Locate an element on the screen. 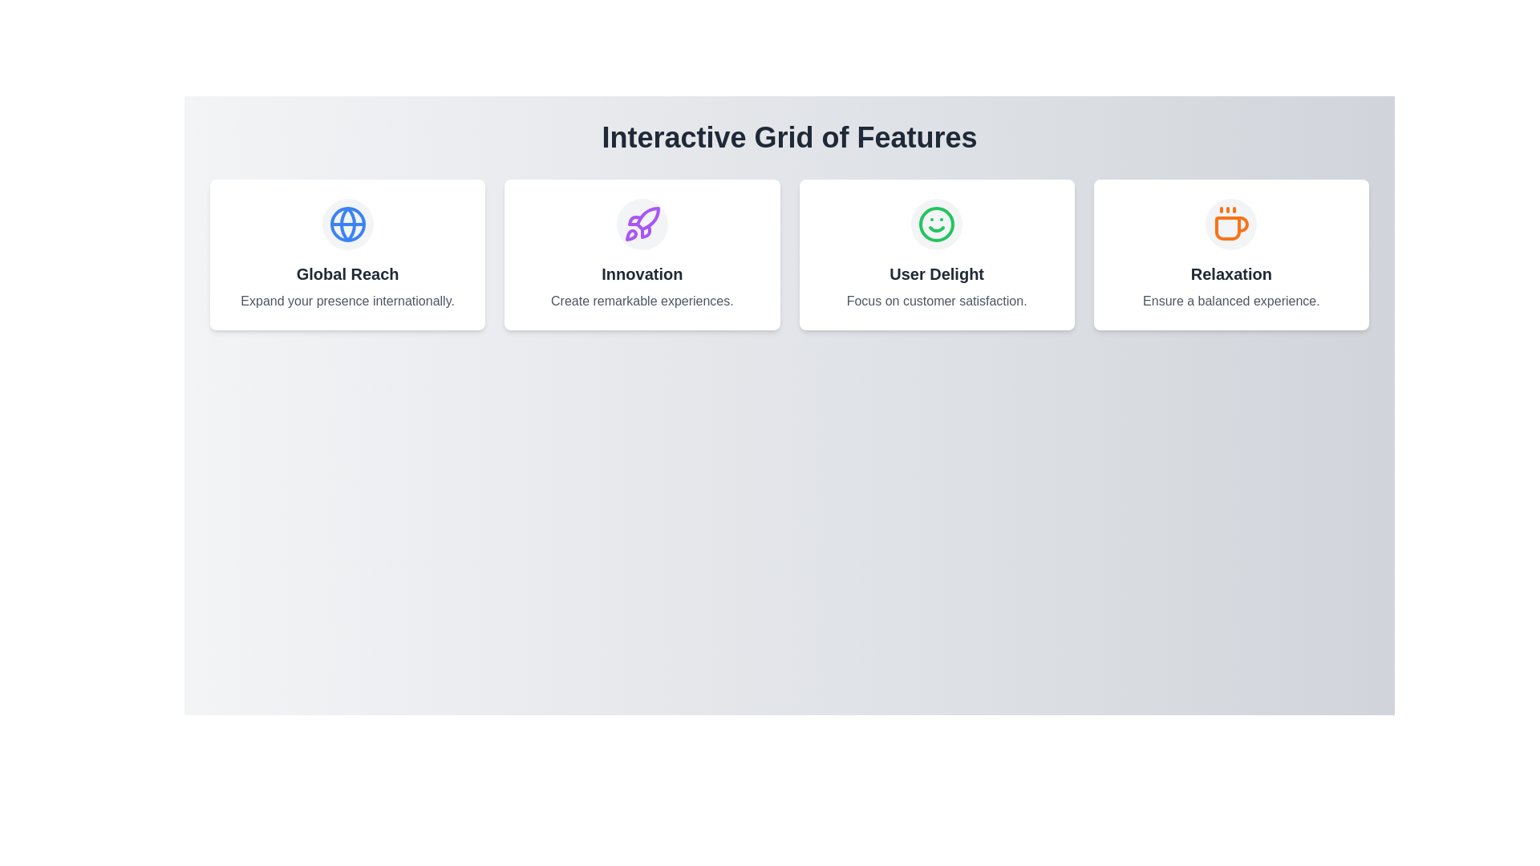  'User Delight' icon, which visually conveys positivity and satisfaction, if it is interactive is located at coordinates (937, 225).